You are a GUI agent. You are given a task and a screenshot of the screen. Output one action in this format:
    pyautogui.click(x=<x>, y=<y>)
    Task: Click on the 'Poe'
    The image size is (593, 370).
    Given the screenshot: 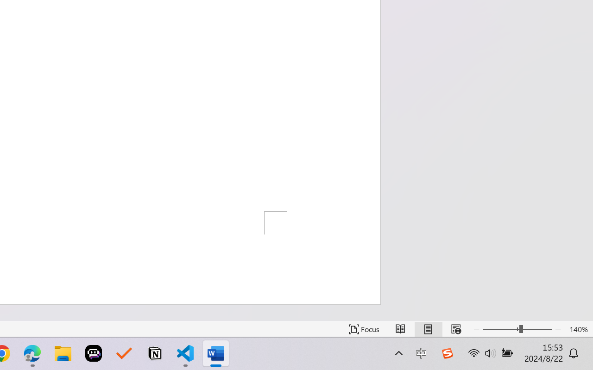 What is the action you would take?
    pyautogui.click(x=94, y=353)
    